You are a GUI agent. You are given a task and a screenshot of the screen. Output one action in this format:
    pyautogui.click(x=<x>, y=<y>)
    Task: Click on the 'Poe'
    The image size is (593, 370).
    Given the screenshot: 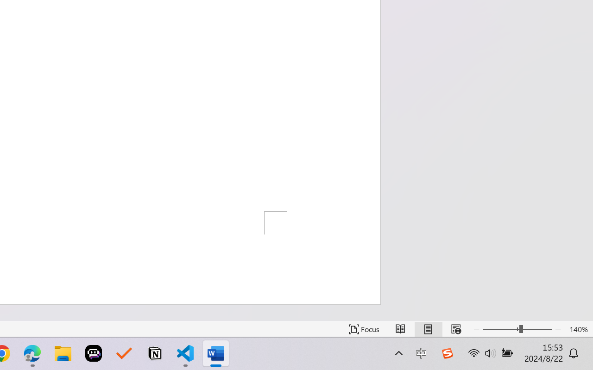 What is the action you would take?
    pyautogui.click(x=94, y=353)
    